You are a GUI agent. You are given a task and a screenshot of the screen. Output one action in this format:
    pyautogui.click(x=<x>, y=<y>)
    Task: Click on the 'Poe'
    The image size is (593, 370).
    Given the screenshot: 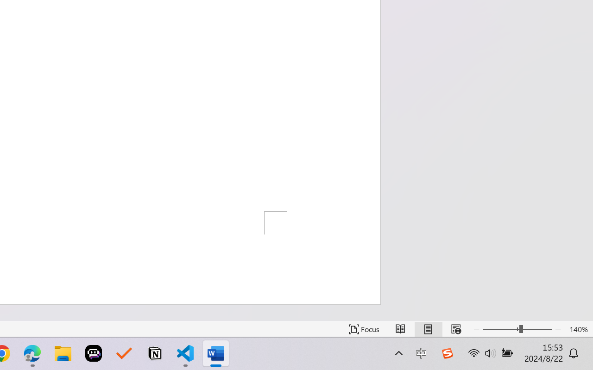 What is the action you would take?
    pyautogui.click(x=94, y=353)
    